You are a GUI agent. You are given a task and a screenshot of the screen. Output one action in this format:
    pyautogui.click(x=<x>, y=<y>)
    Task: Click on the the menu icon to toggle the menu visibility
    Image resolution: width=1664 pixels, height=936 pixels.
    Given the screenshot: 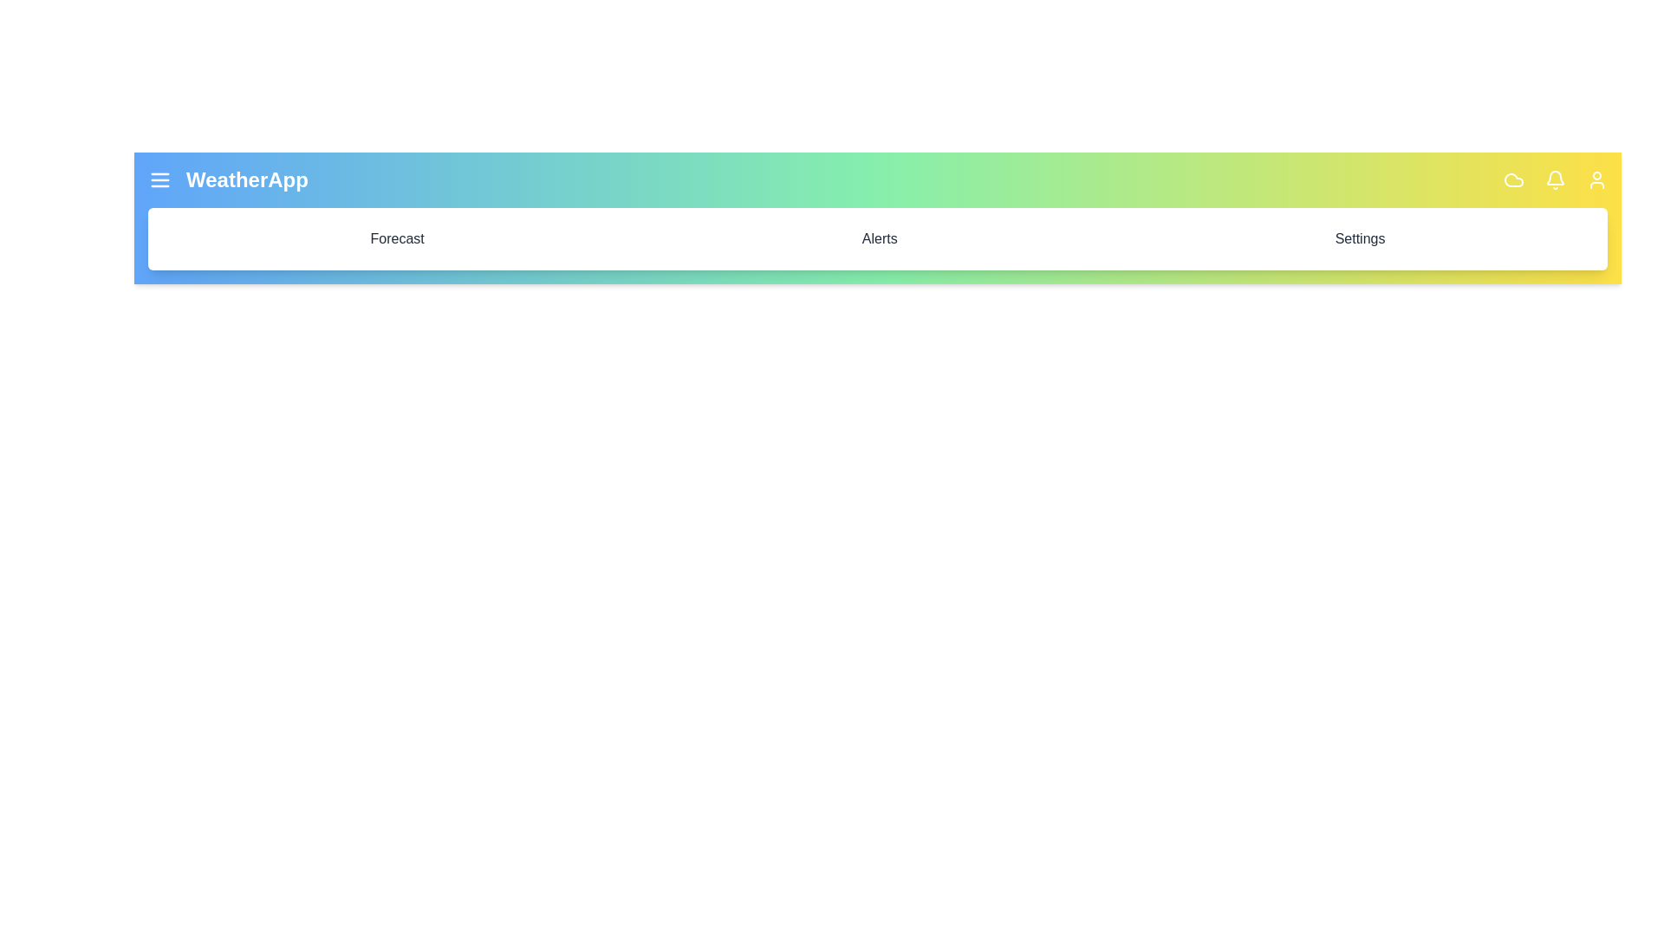 What is the action you would take?
    pyautogui.click(x=160, y=180)
    